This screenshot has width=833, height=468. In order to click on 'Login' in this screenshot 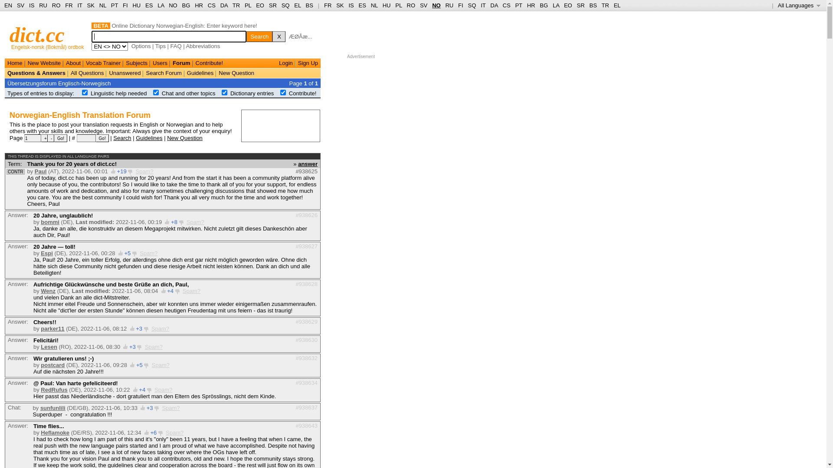, I will do `click(285, 62)`.